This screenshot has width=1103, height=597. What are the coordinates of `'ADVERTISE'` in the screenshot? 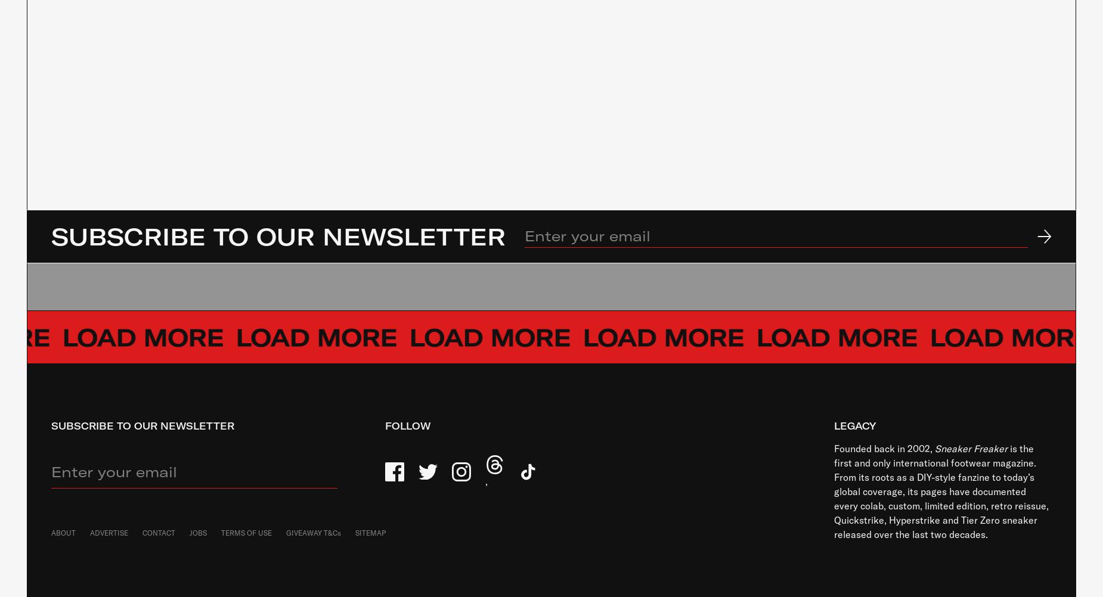 It's located at (108, 532).